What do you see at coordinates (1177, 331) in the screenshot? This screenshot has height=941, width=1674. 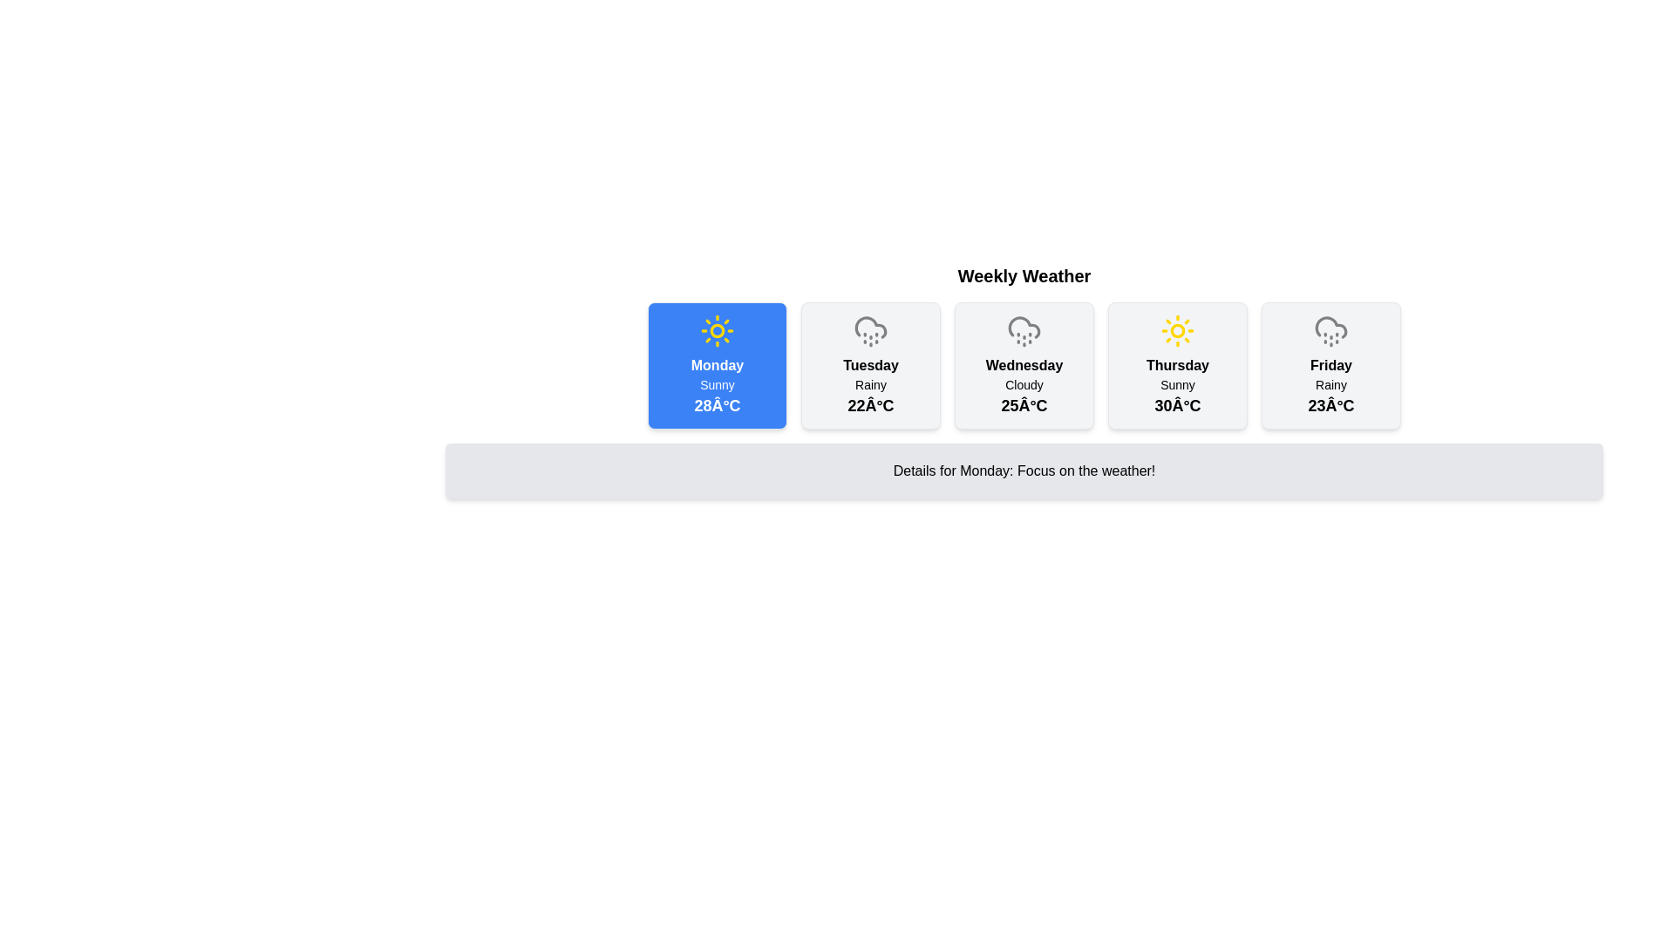 I see `the sun icon representing sunny weather, located centrally in the top row of the Thursday weather forecast card` at bounding box center [1177, 331].